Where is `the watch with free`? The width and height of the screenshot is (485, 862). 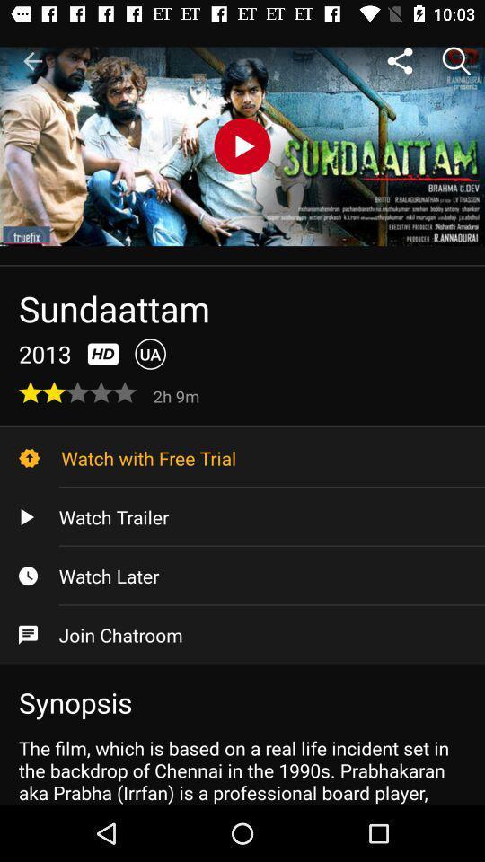 the watch with free is located at coordinates (242, 457).